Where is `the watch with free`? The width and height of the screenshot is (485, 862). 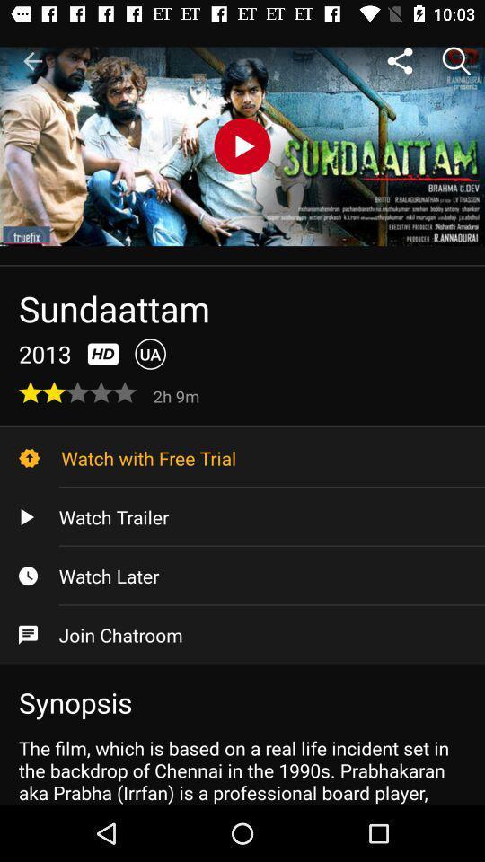 the watch with free is located at coordinates (242, 457).